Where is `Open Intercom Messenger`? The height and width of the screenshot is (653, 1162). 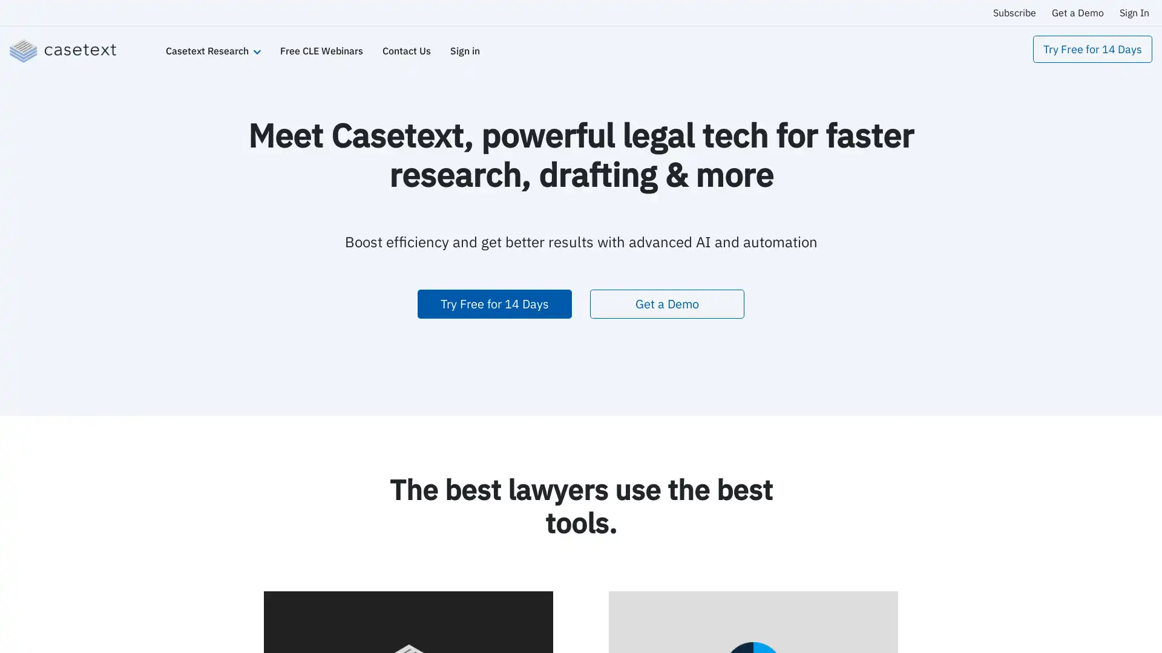
Open Intercom Messenger is located at coordinates (1131, 622).